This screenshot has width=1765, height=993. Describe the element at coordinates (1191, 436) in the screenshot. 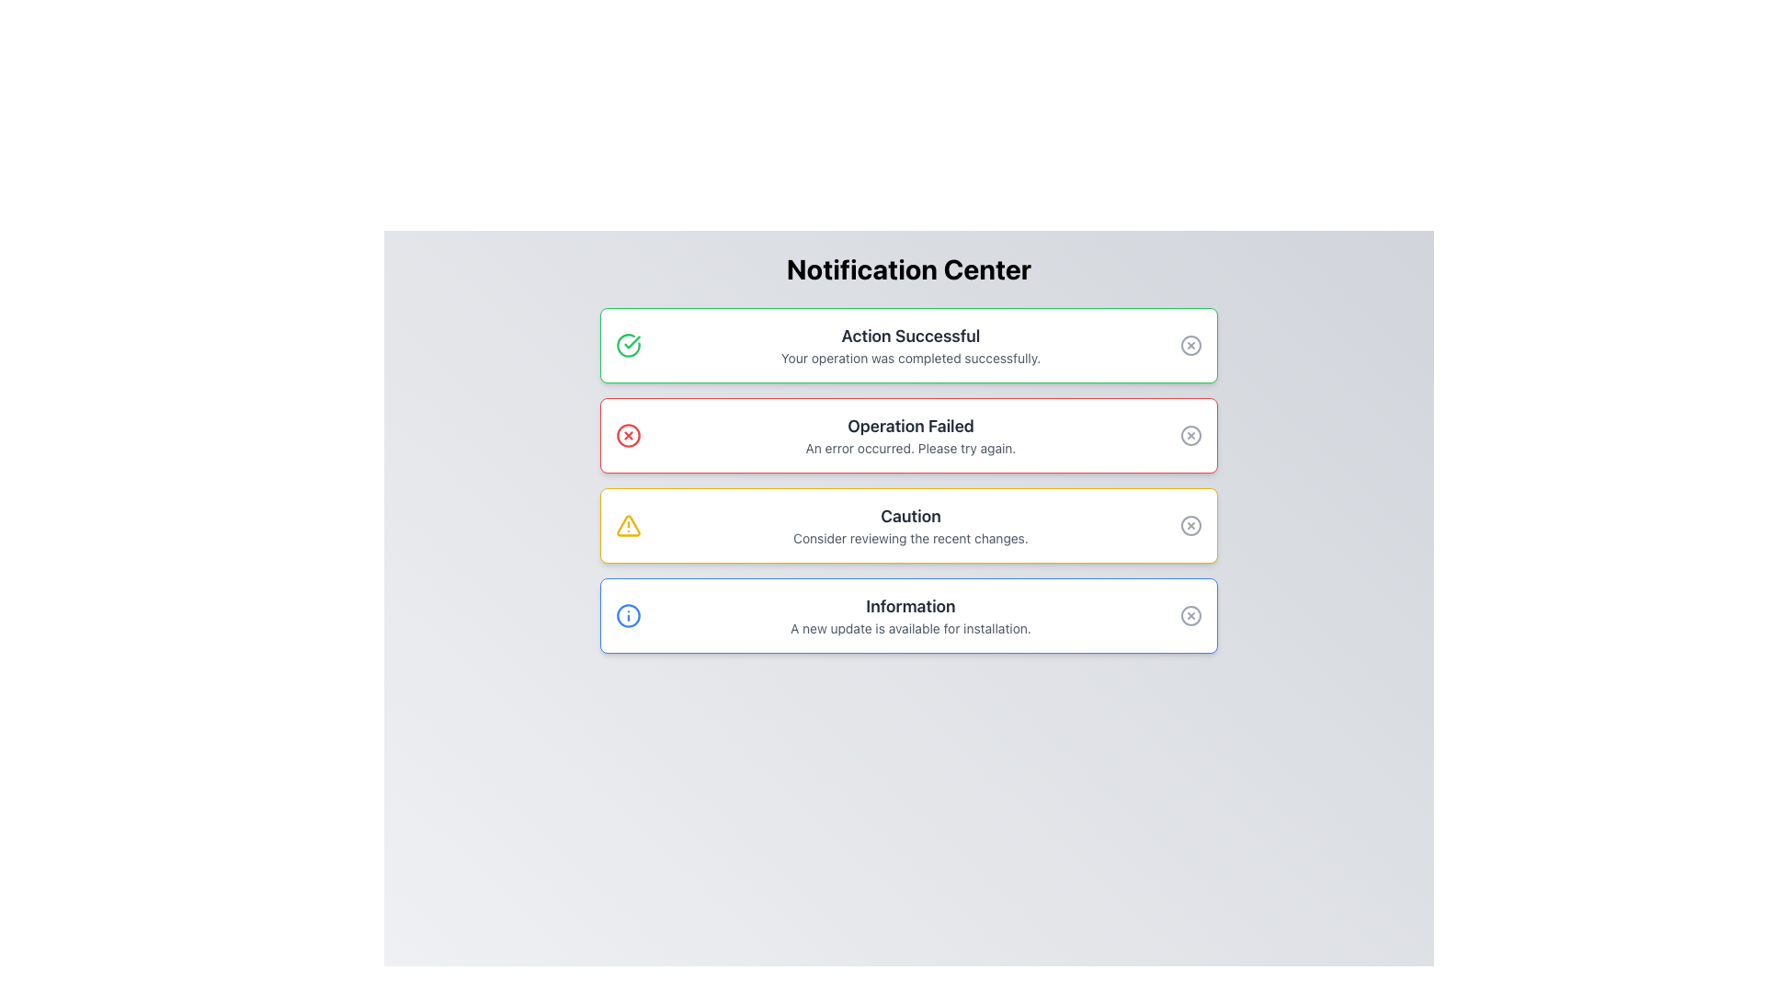

I see `the circular close (X) button located in the top-right corner of the 'Operation Failed' notification box to trigger the color change` at that location.